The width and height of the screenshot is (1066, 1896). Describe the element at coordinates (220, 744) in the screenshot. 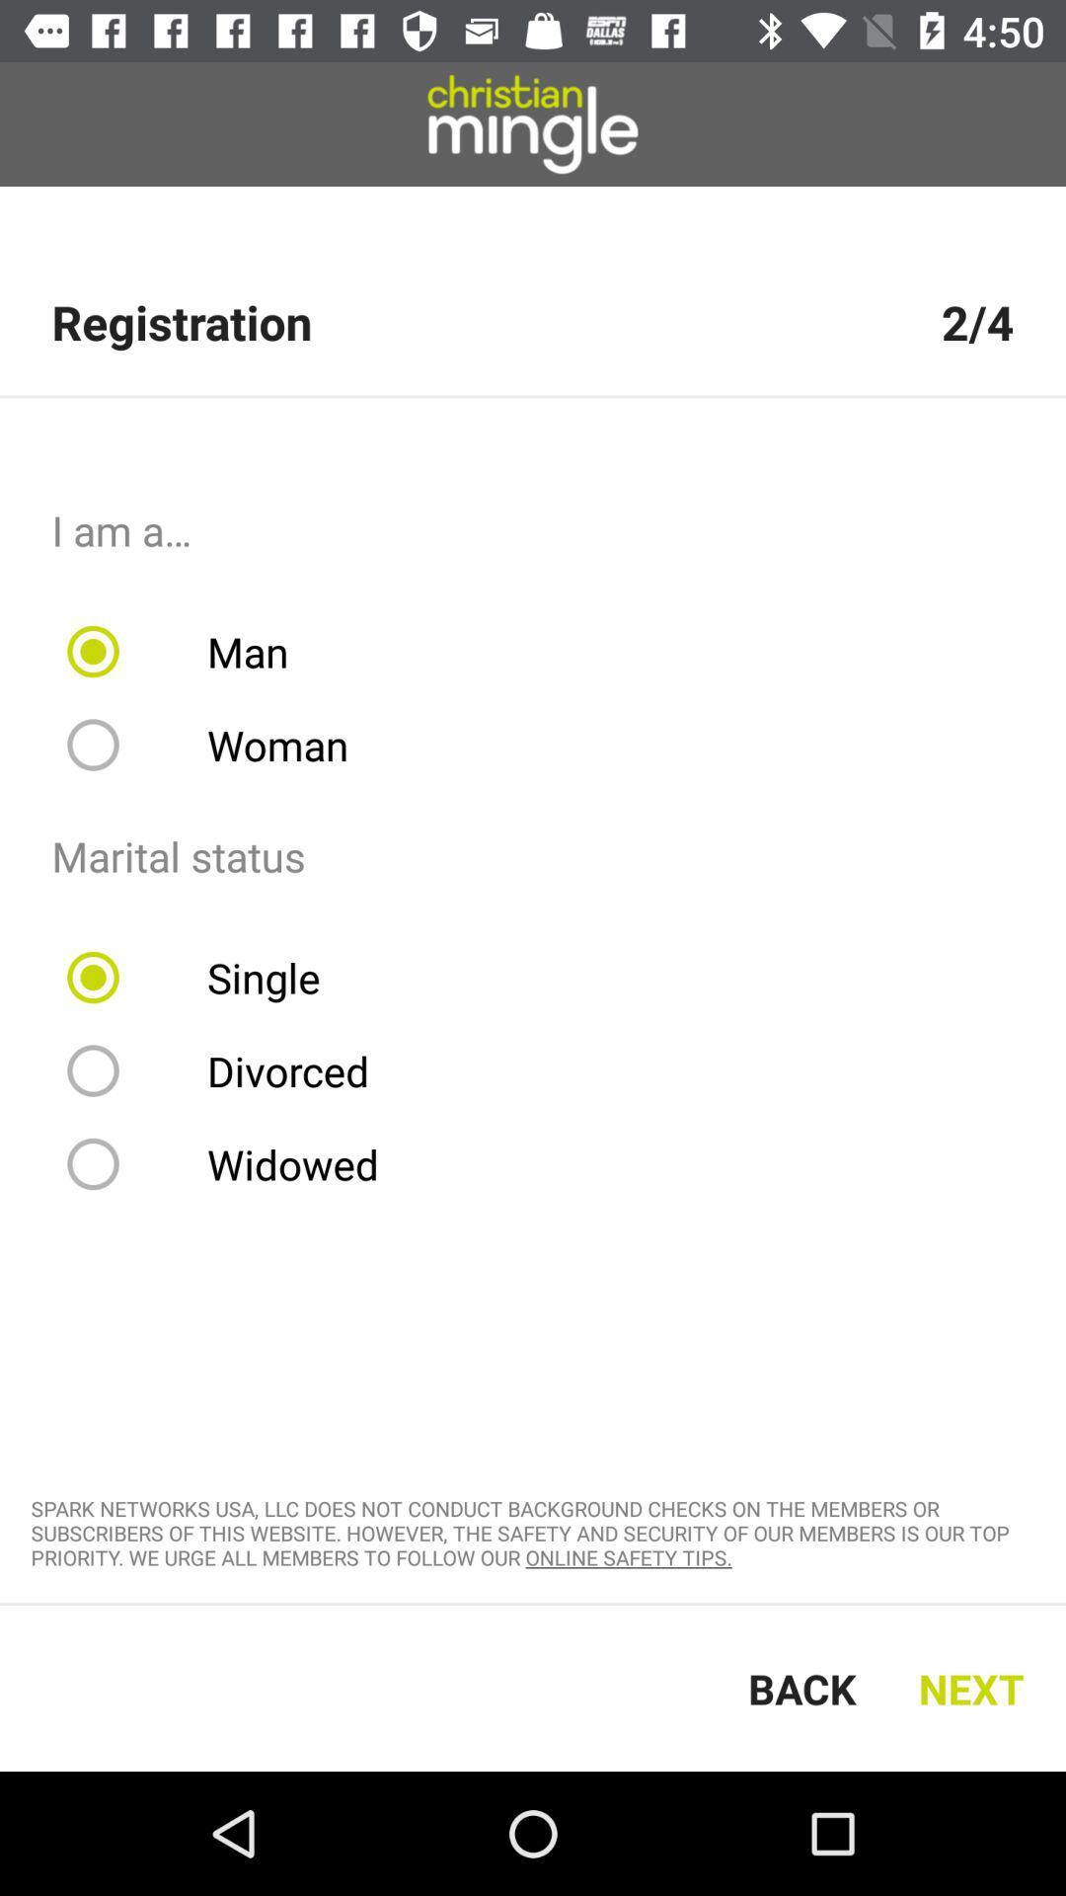

I see `item above the marital status item` at that location.